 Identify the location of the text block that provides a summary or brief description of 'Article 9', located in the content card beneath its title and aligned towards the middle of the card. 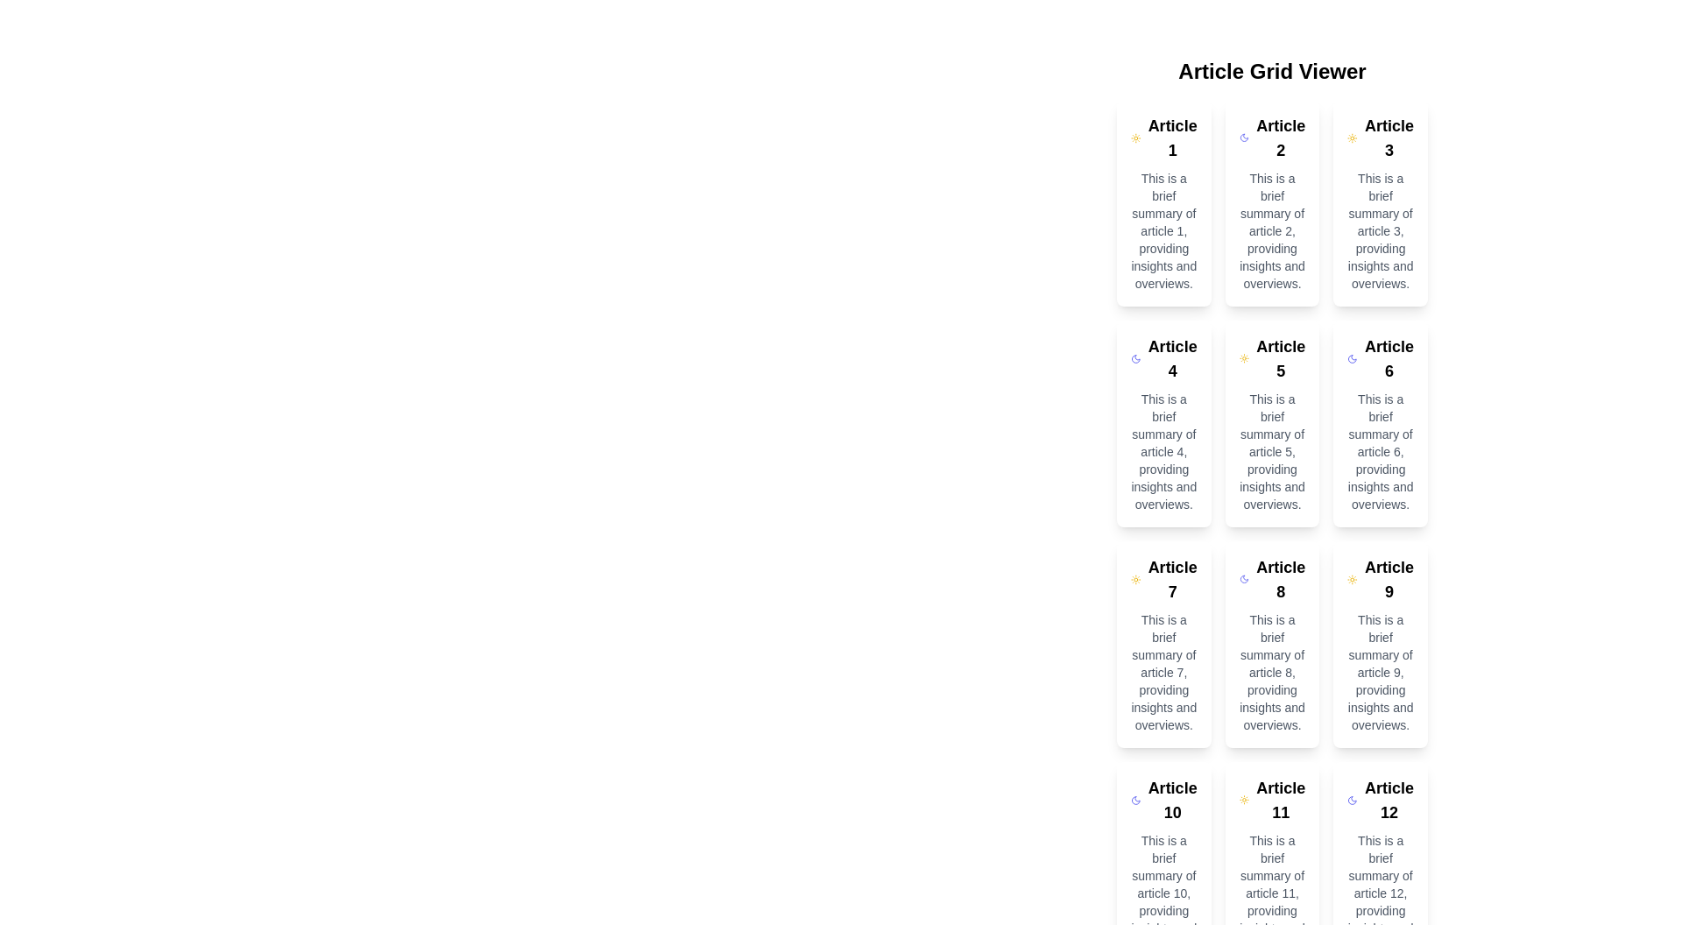
(1380, 671).